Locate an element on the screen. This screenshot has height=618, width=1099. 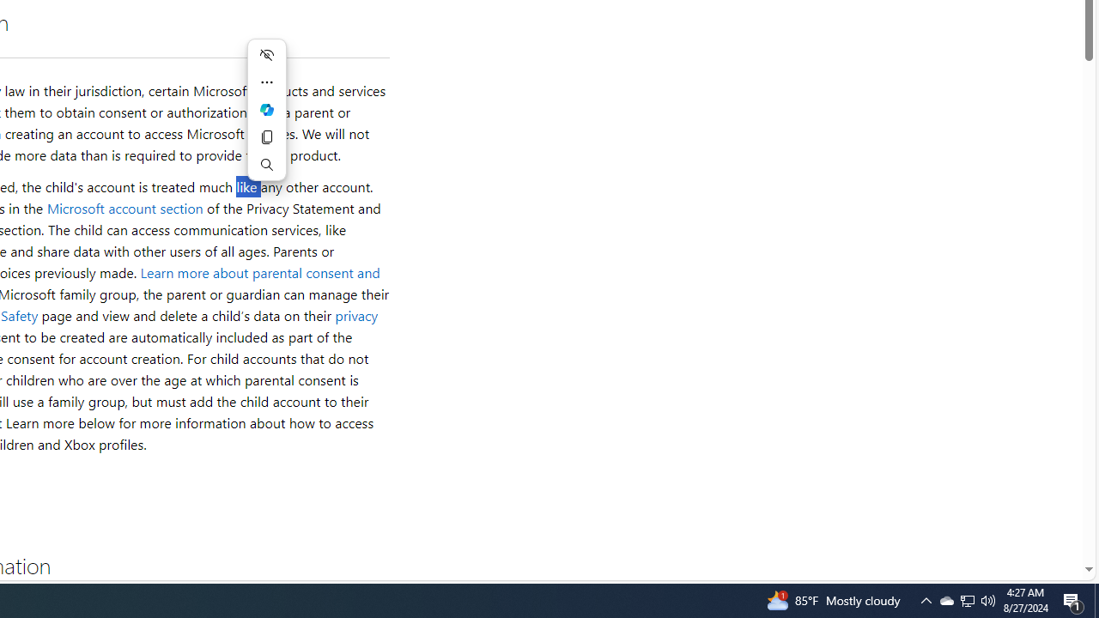
'Copy' is located at coordinates (266, 136).